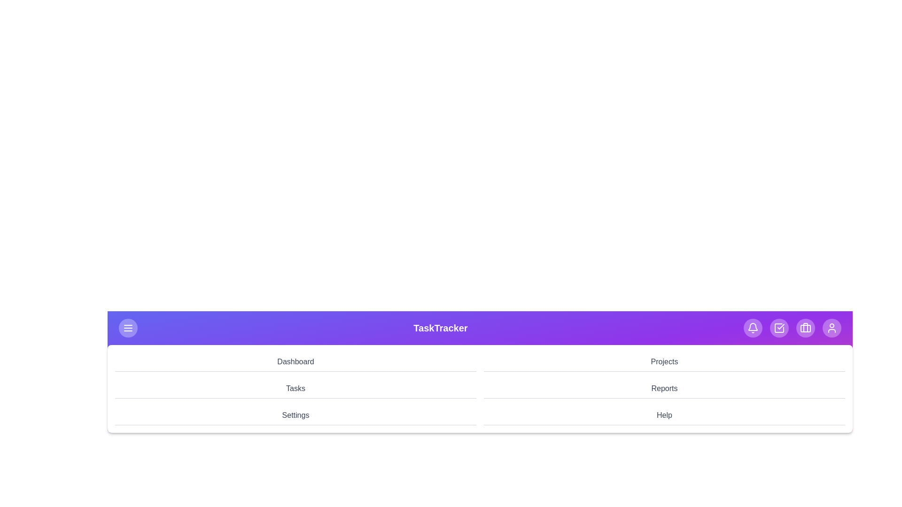 Image resolution: width=902 pixels, height=507 pixels. What do you see at coordinates (295, 361) in the screenshot?
I see `the navigation menu item Dashboard` at bounding box center [295, 361].